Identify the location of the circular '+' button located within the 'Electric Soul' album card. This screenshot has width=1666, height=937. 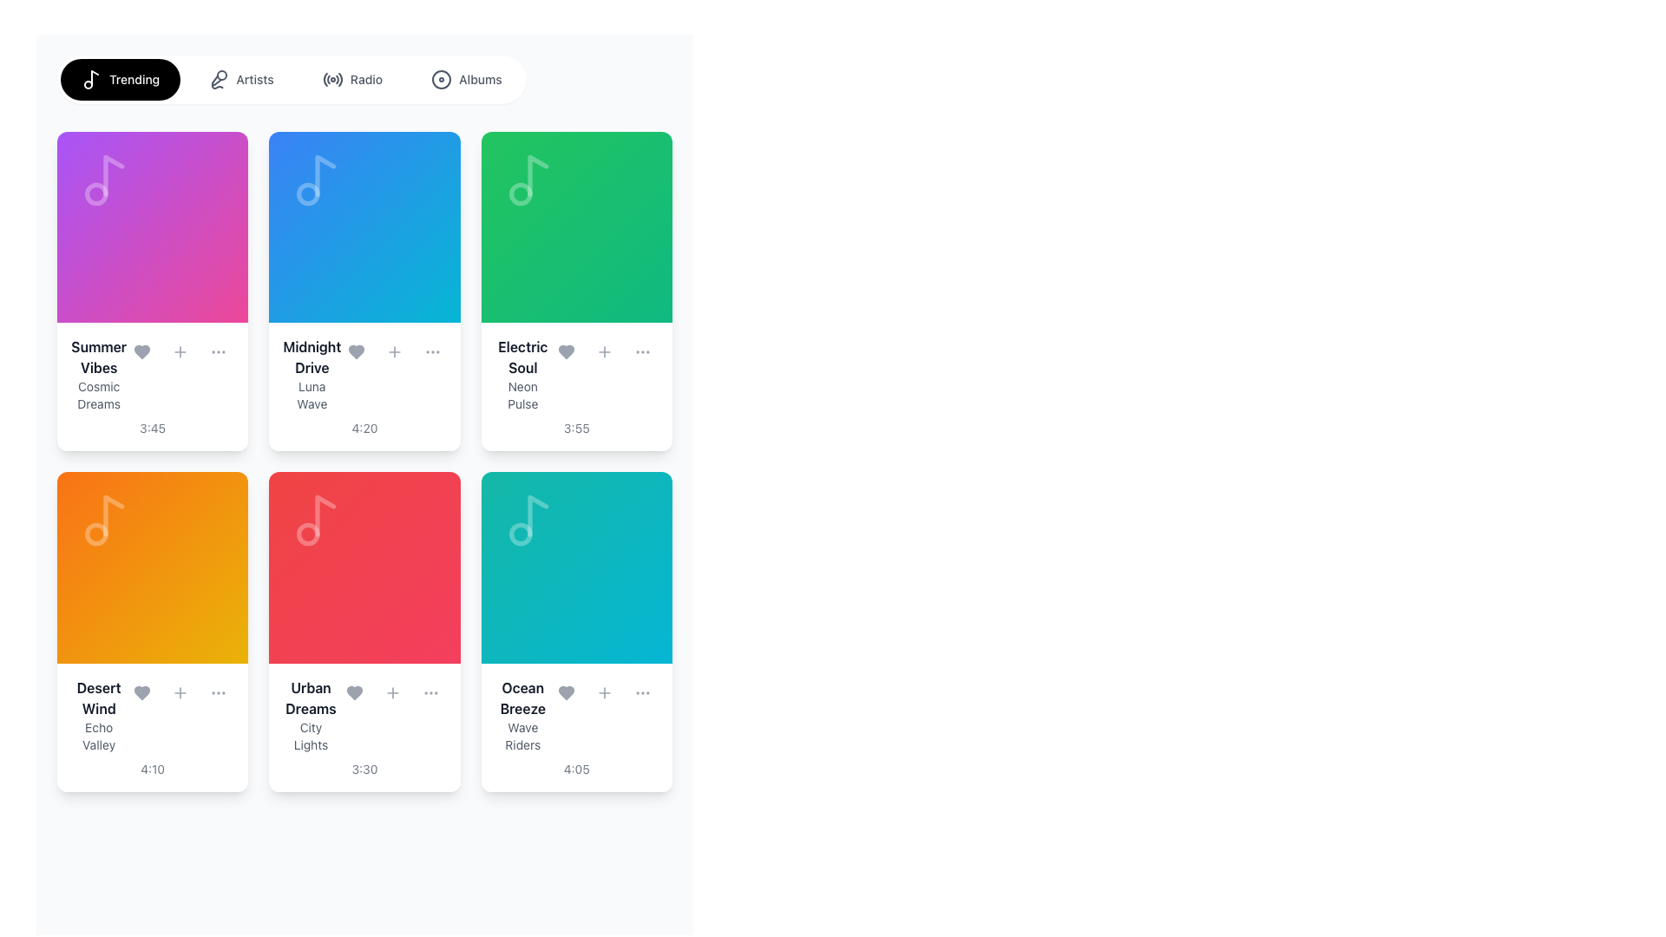
(604, 351).